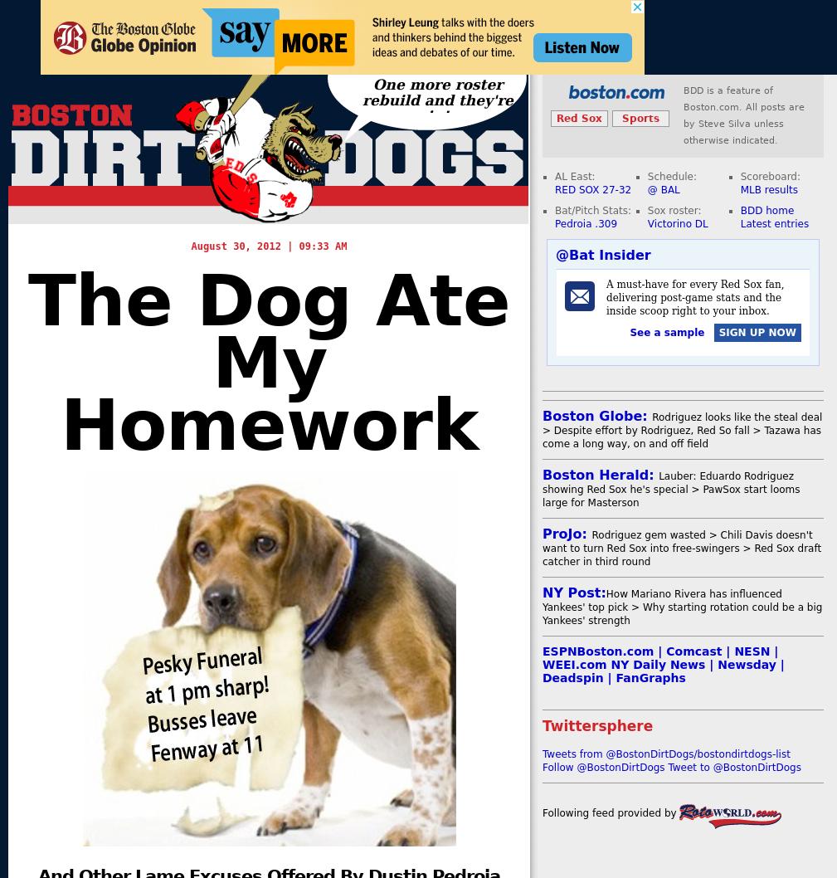 This screenshot has height=878, width=837. What do you see at coordinates (774, 223) in the screenshot?
I see `'Latest entries'` at bounding box center [774, 223].